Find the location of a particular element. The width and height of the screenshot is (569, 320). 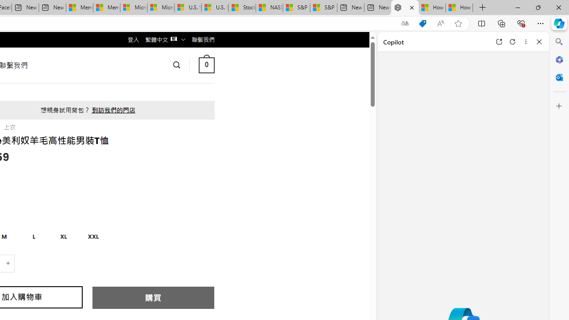

'Microsoft 365' is located at coordinates (559, 59).